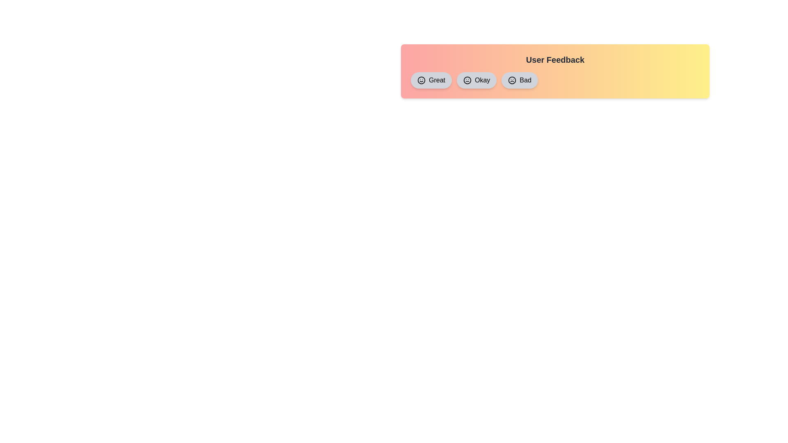 Image resolution: width=788 pixels, height=443 pixels. I want to click on the chip labeled Okay, so click(476, 80).